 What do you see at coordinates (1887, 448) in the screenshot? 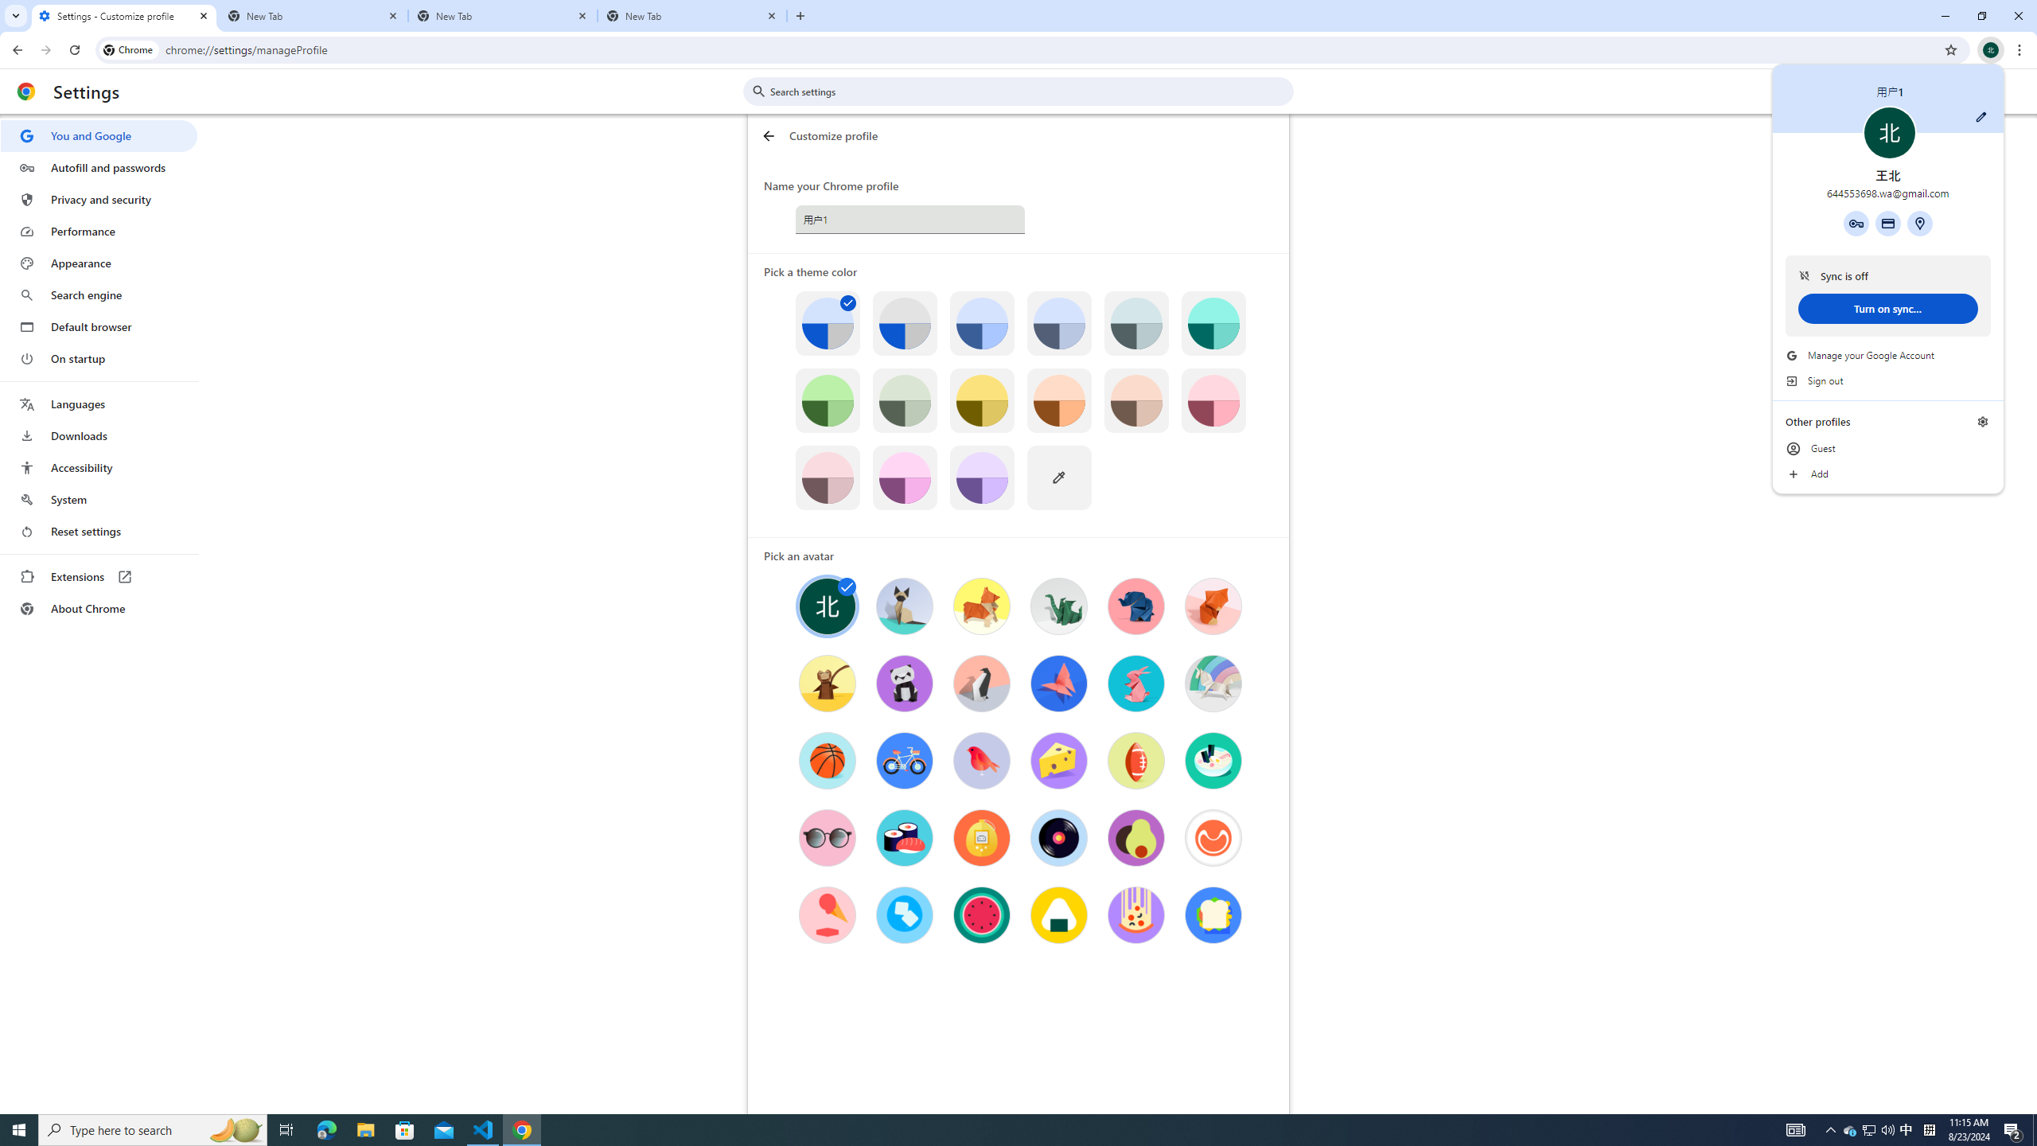
I see `'Guest'` at bounding box center [1887, 448].